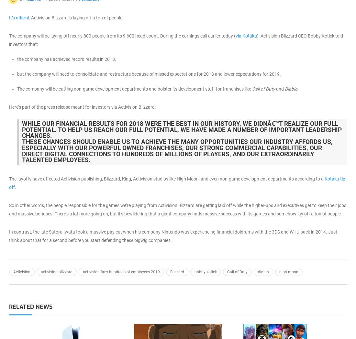 Image resolution: width=356 pixels, height=339 pixels. Describe the element at coordinates (8, 236) in the screenshot. I see `'In contrast, the late Satoru Iwata took a massive pay cut when his company Nintendo was experiencing financial doldrums with the 3DS and Wii U back in 2014. Just think about that for a second before you start defending these bigwig companies.'` at that location.